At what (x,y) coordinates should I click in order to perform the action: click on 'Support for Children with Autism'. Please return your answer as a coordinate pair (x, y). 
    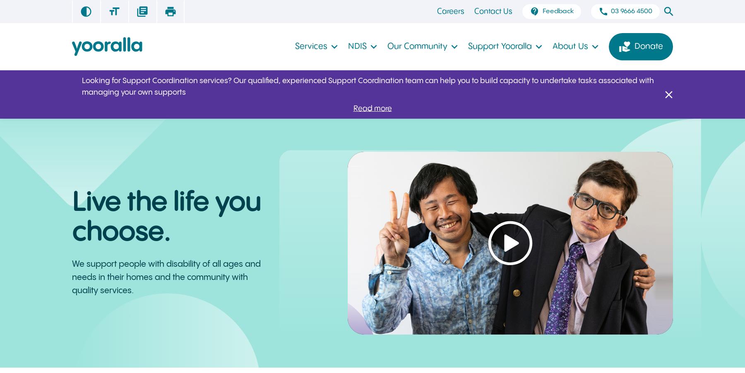
    Looking at the image, I should click on (530, 32).